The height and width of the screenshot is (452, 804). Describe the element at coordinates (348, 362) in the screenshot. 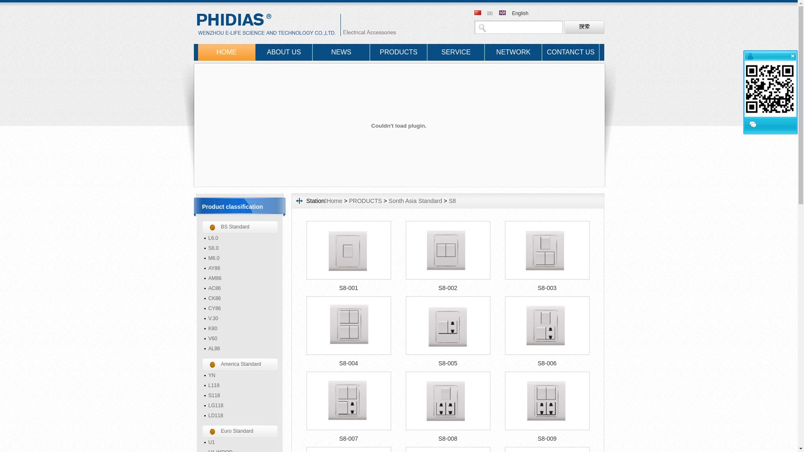

I see `'S8-004'` at that location.